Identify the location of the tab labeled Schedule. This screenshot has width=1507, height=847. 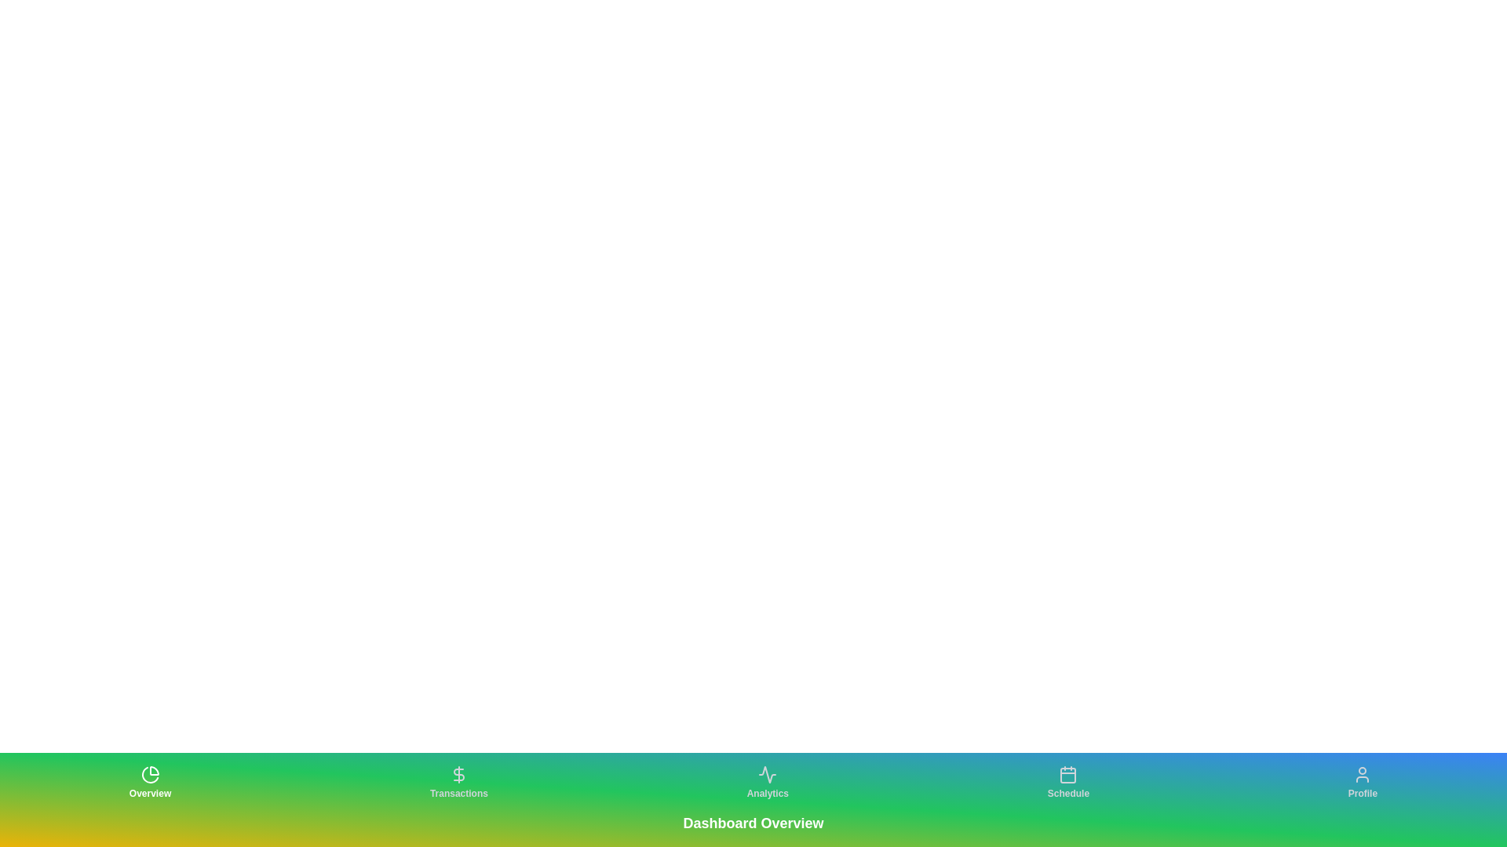
(1067, 783).